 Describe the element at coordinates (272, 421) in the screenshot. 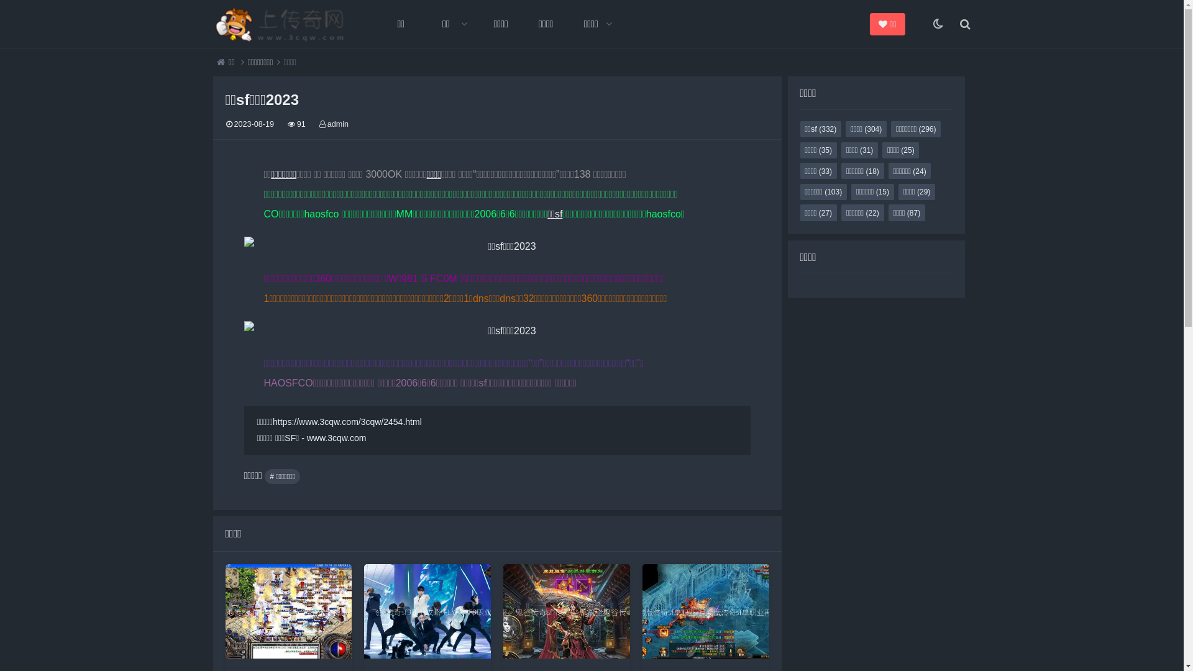

I see `'https://www.3cqw.com/3cqw/2454.html'` at that location.